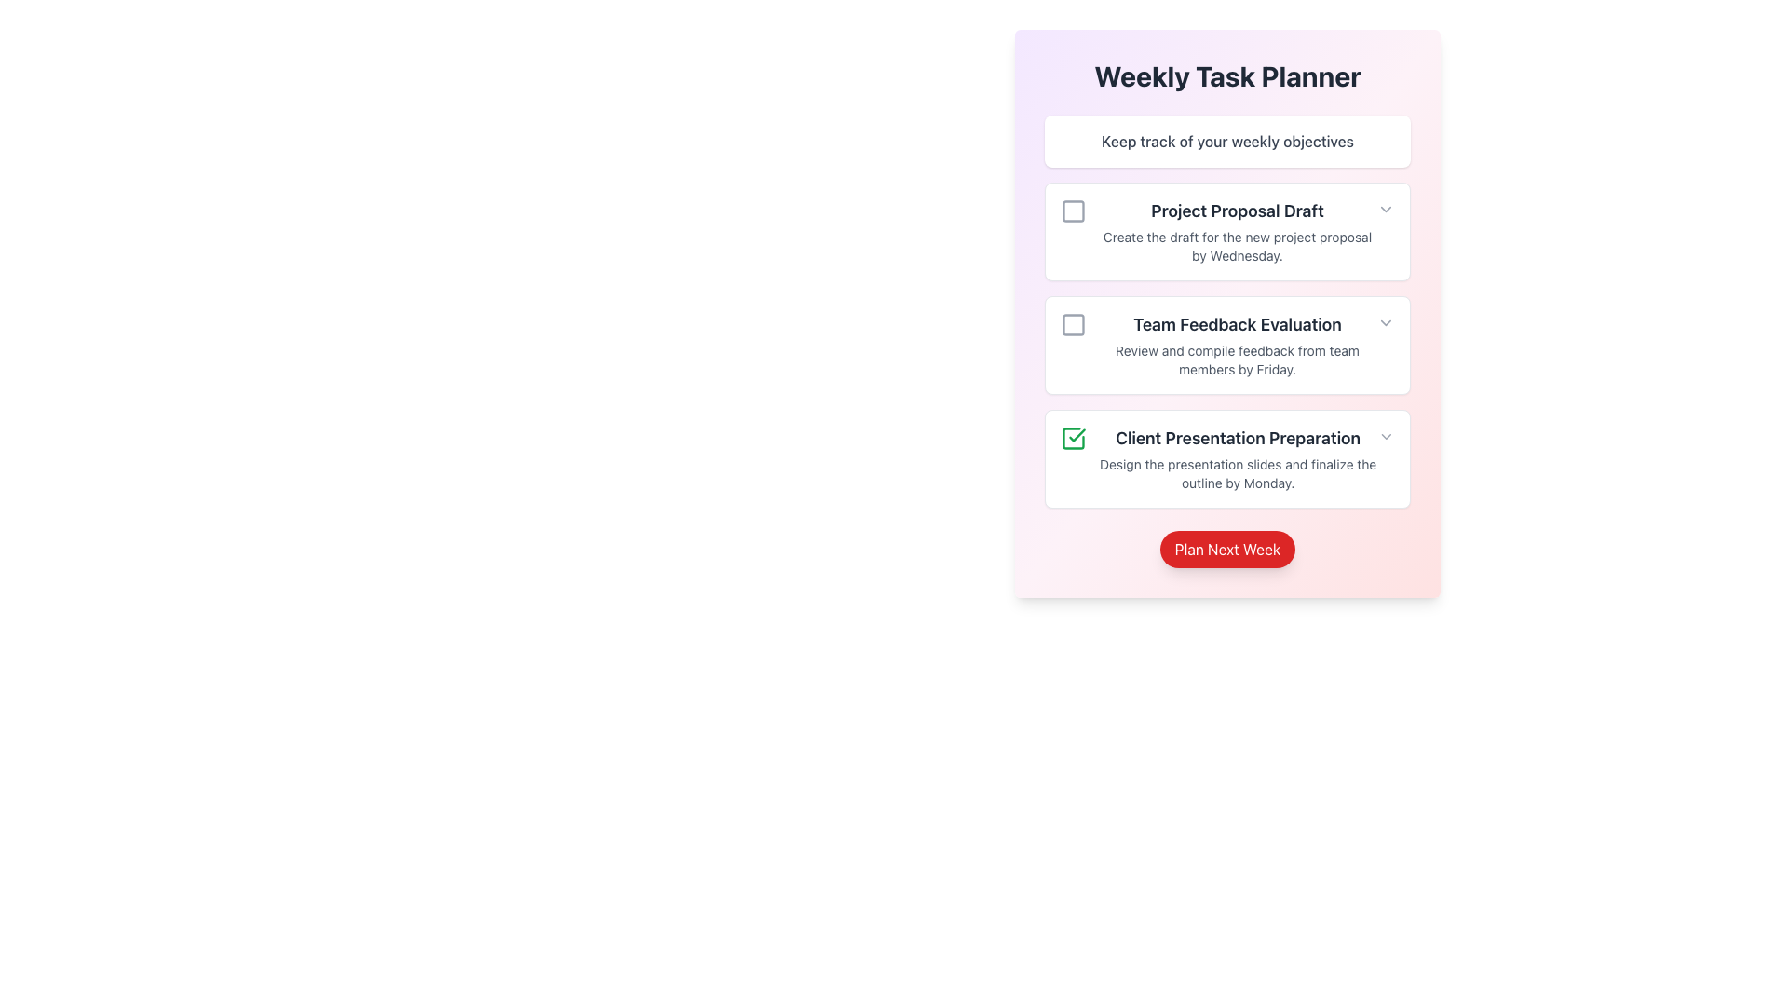 This screenshot has width=1788, height=1006. I want to click on task description displayed in the 'Team Feedback Evaluation' text element, which includes the headline and subtext about compiling feedback from team members, so click(1238, 345).